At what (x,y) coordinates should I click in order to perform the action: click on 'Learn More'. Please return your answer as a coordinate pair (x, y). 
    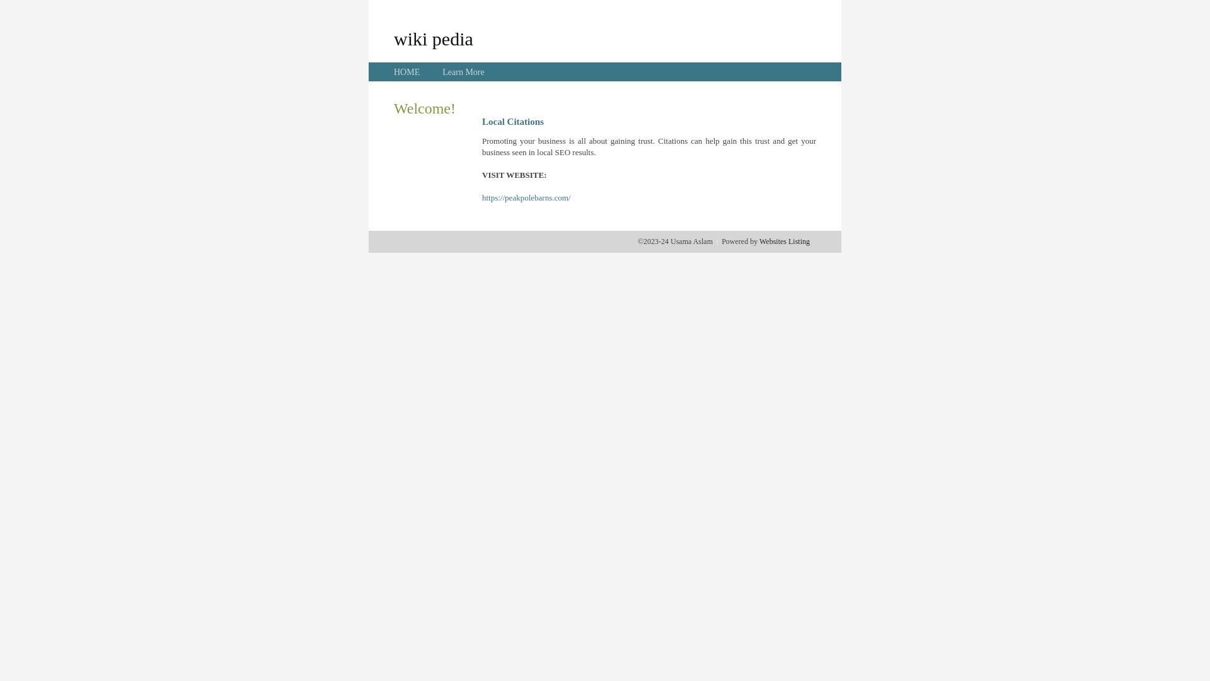
    Looking at the image, I should click on (442, 72).